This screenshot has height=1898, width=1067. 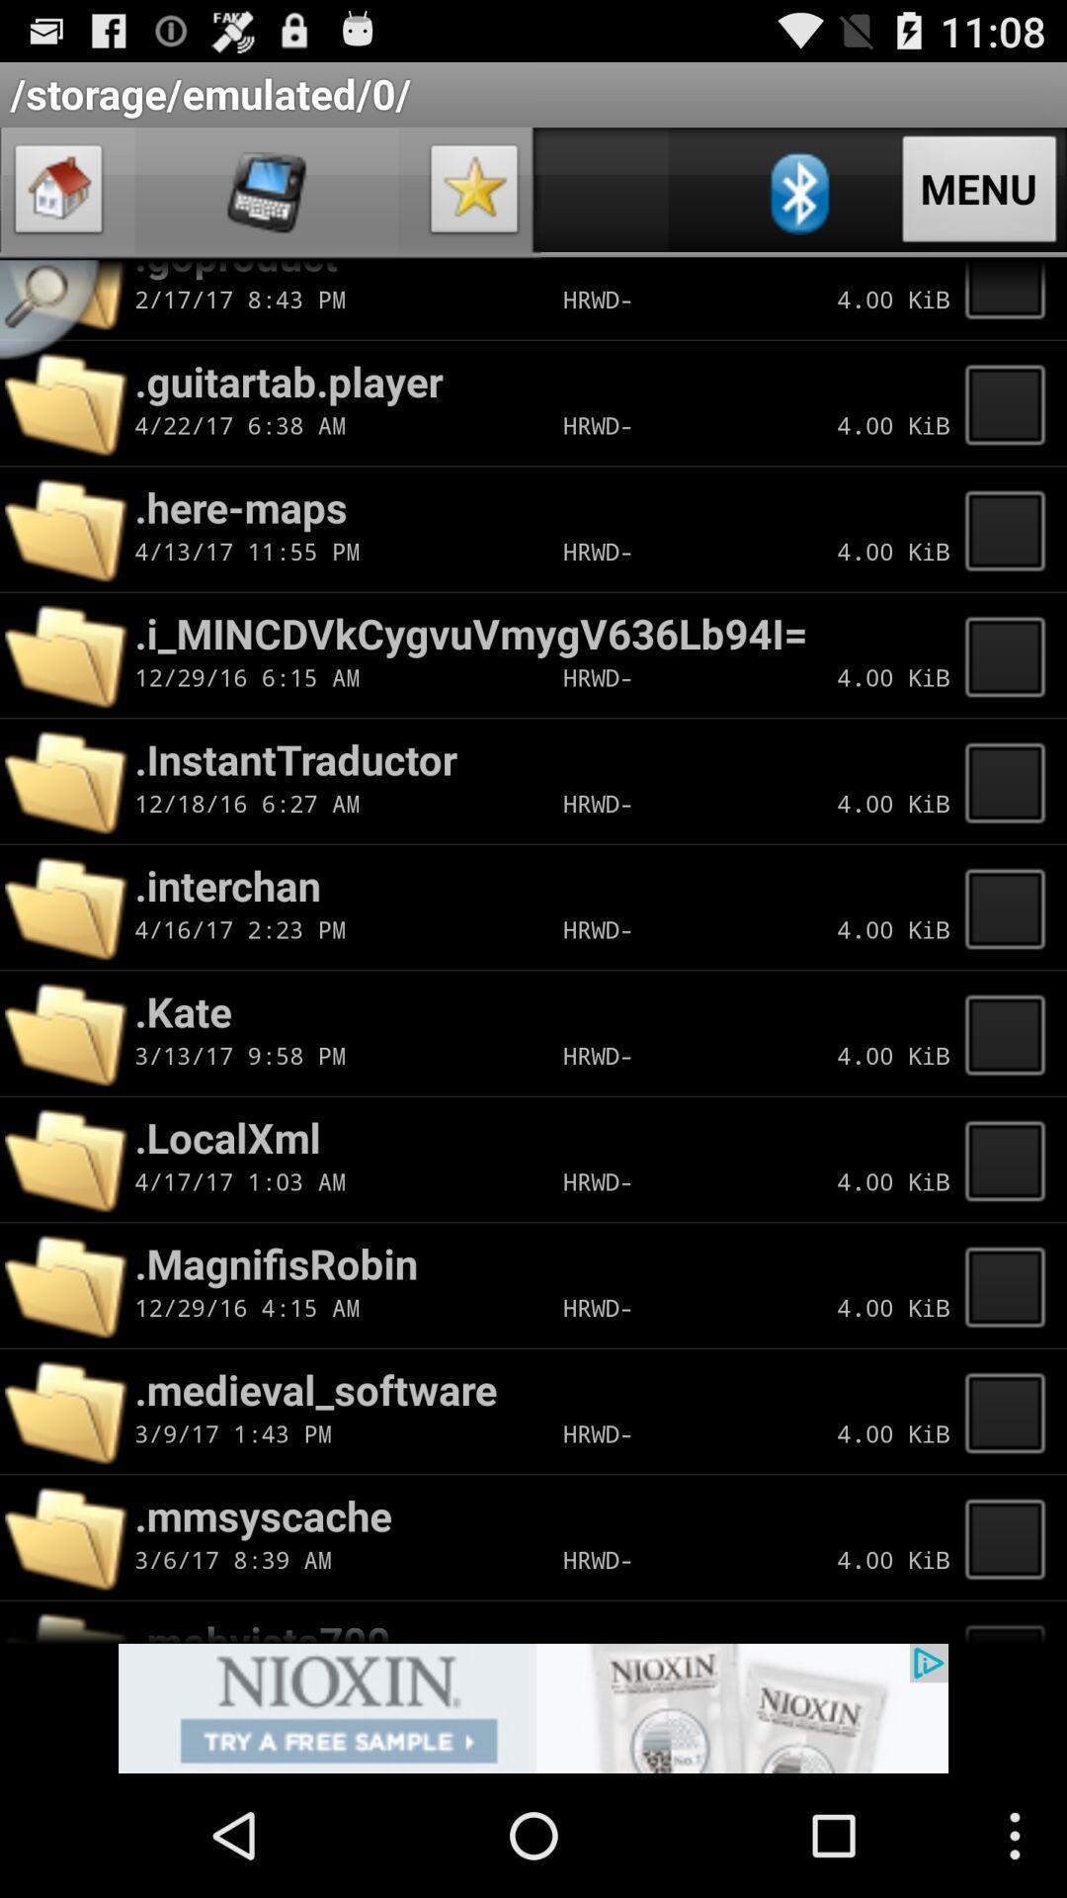 What do you see at coordinates (1011, 906) in the screenshot?
I see `page` at bounding box center [1011, 906].